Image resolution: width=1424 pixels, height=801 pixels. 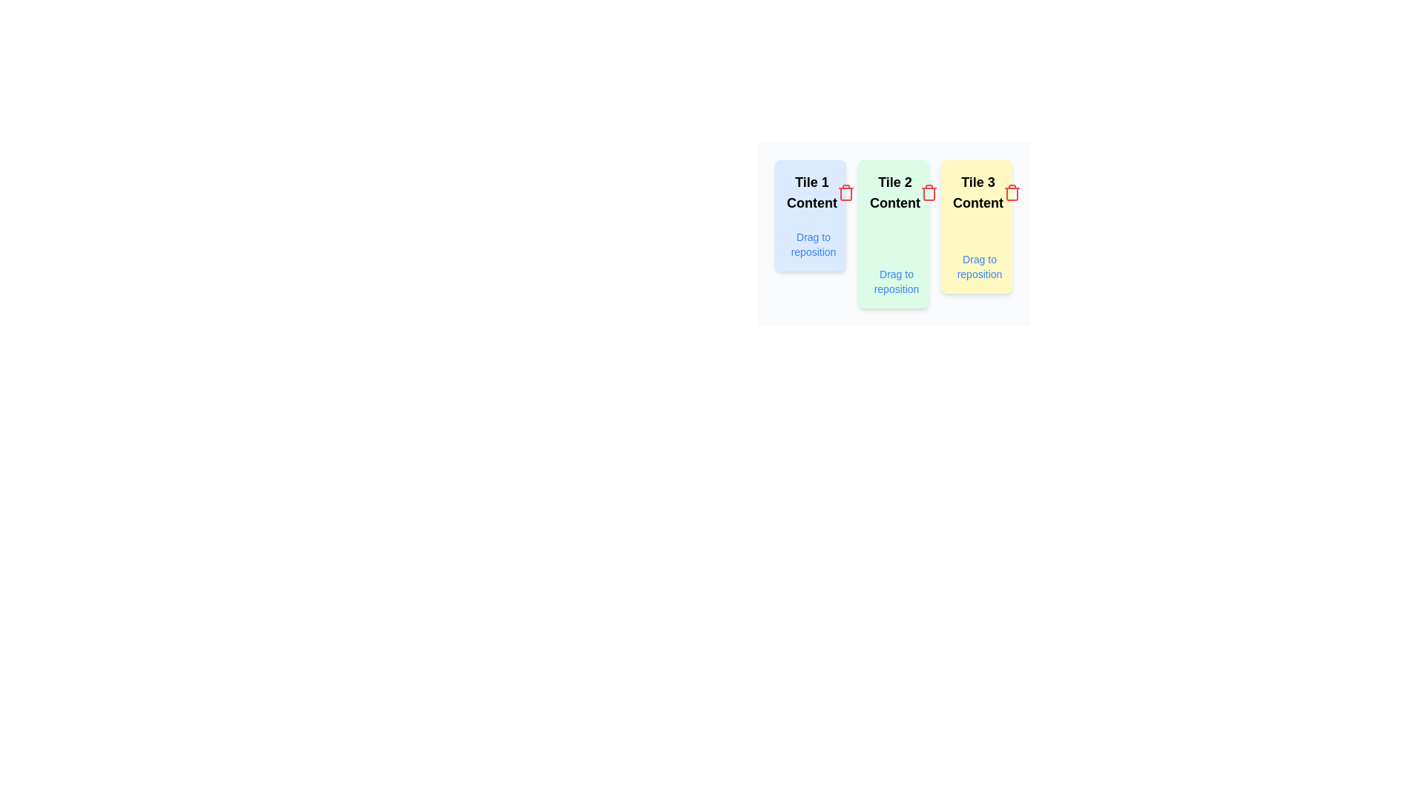 I want to click on the main heading text of the third tile, which is positioned to the right of 'Tile 2 Content' and to the left of the tile's delete icon, so click(x=978, y=191).